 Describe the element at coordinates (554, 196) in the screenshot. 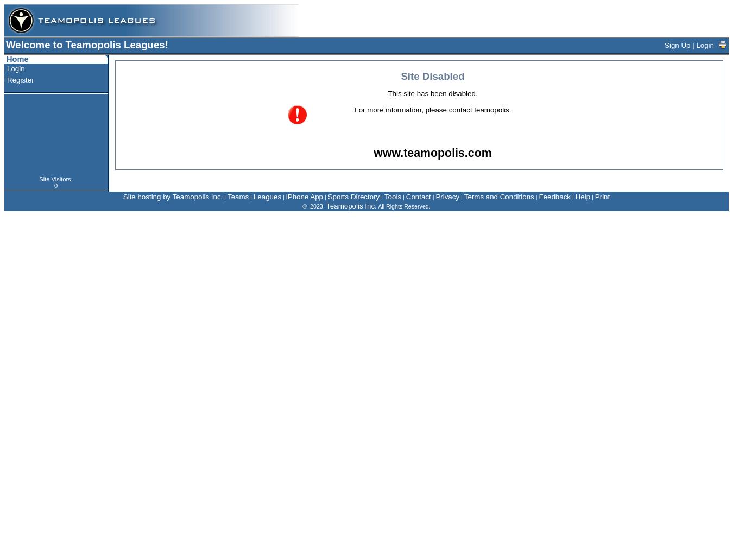

I see `'Feedback'` at that location.